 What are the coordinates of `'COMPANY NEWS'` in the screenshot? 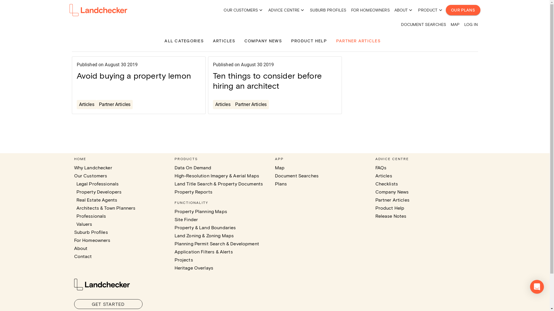 It's located at (244, 40).